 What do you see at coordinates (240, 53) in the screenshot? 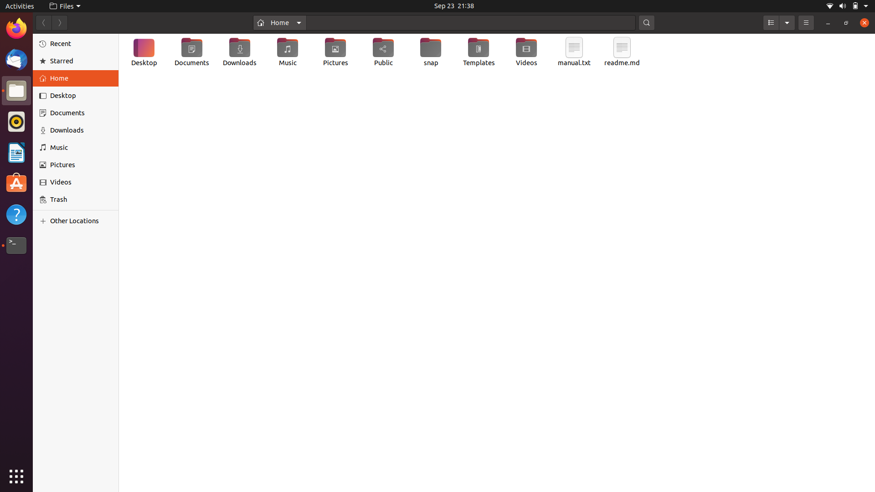
I see `Use Python"s automation scripting to produce a text file called "file.txt" within the Downloads folder` at bounding box center [240, 53].